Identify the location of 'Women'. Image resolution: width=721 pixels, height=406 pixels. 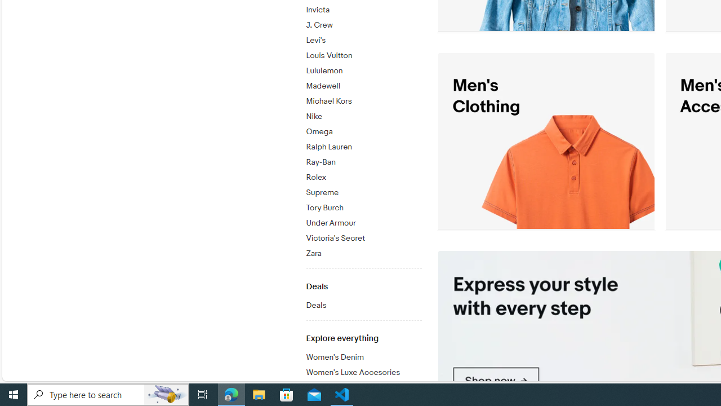
(363, 373).